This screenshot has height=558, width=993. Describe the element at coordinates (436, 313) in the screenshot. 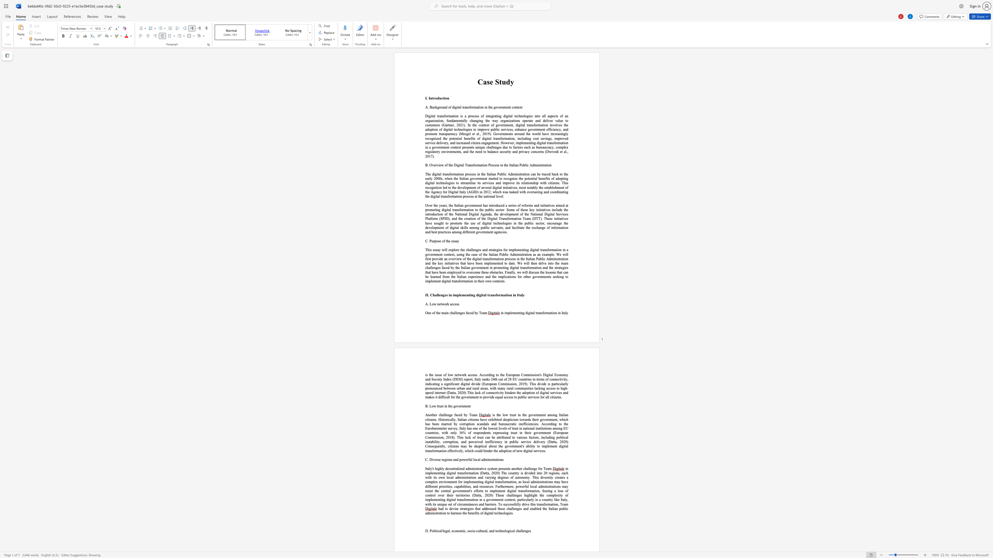

I see `the 1th character "t" in the text` at that location.